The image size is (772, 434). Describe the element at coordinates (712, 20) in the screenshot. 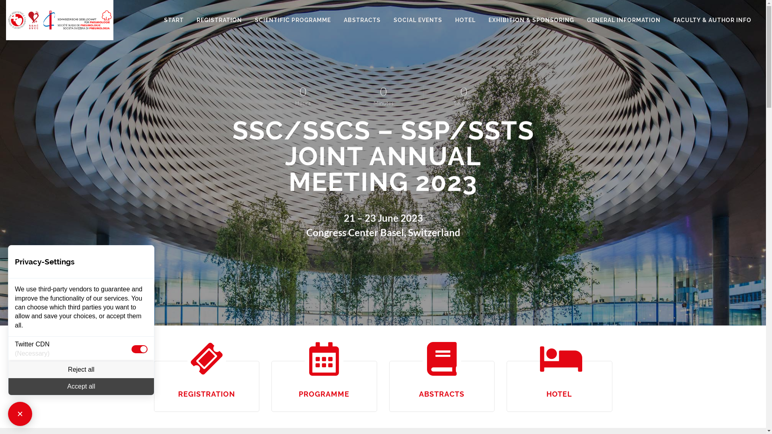

I see `'FACULTY & AUTHOR INFO'` at that location.